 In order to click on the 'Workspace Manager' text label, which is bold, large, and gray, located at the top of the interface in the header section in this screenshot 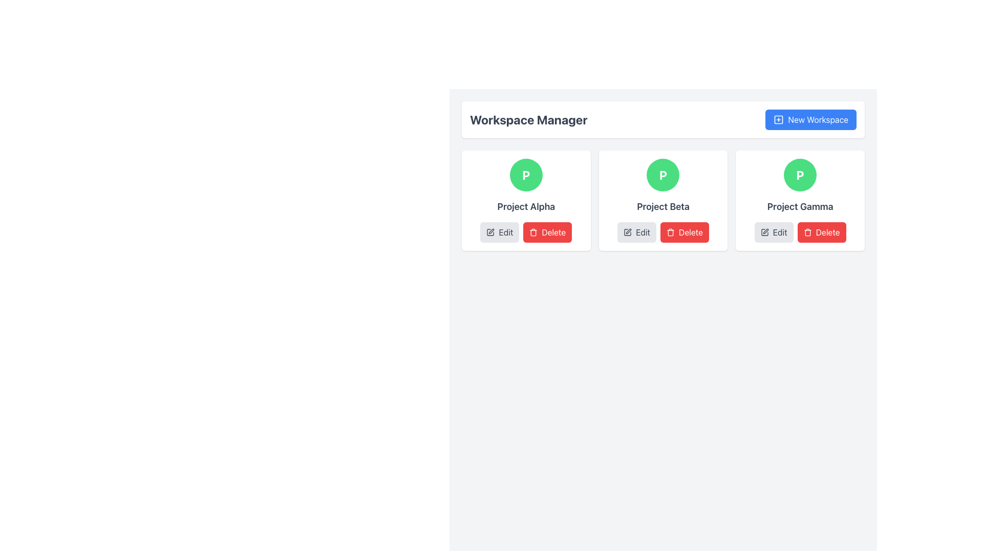, I will do `click(528, 119)`.